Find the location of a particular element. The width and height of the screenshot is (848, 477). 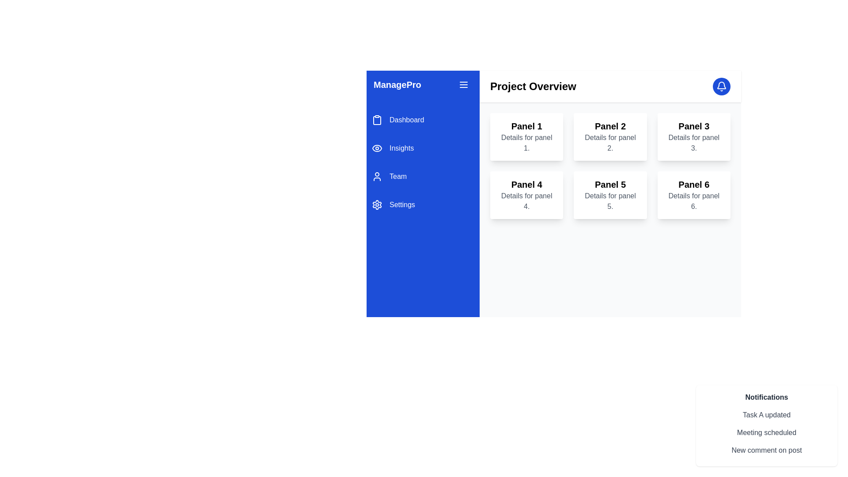

the 'Dashboard' label, which is styled with white font on a blue background and is the first selectable option in the vertical menu on the left side of the interface is located at coordinates (406, 120).